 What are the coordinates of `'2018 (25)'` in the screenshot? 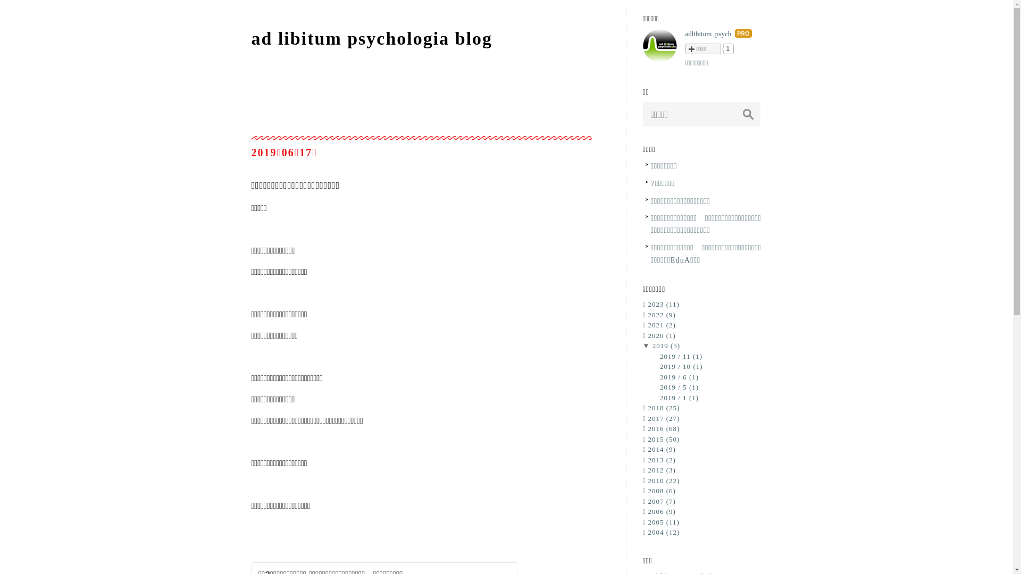 It's located at (663, 407).